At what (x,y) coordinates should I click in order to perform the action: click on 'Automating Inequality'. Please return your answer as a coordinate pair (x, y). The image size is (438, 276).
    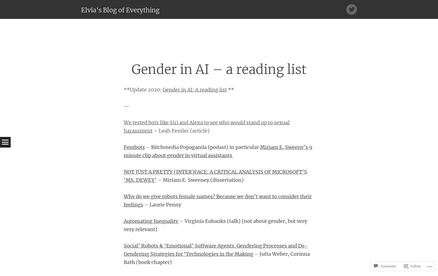
    Looking at the image, I should click on (123, 221).